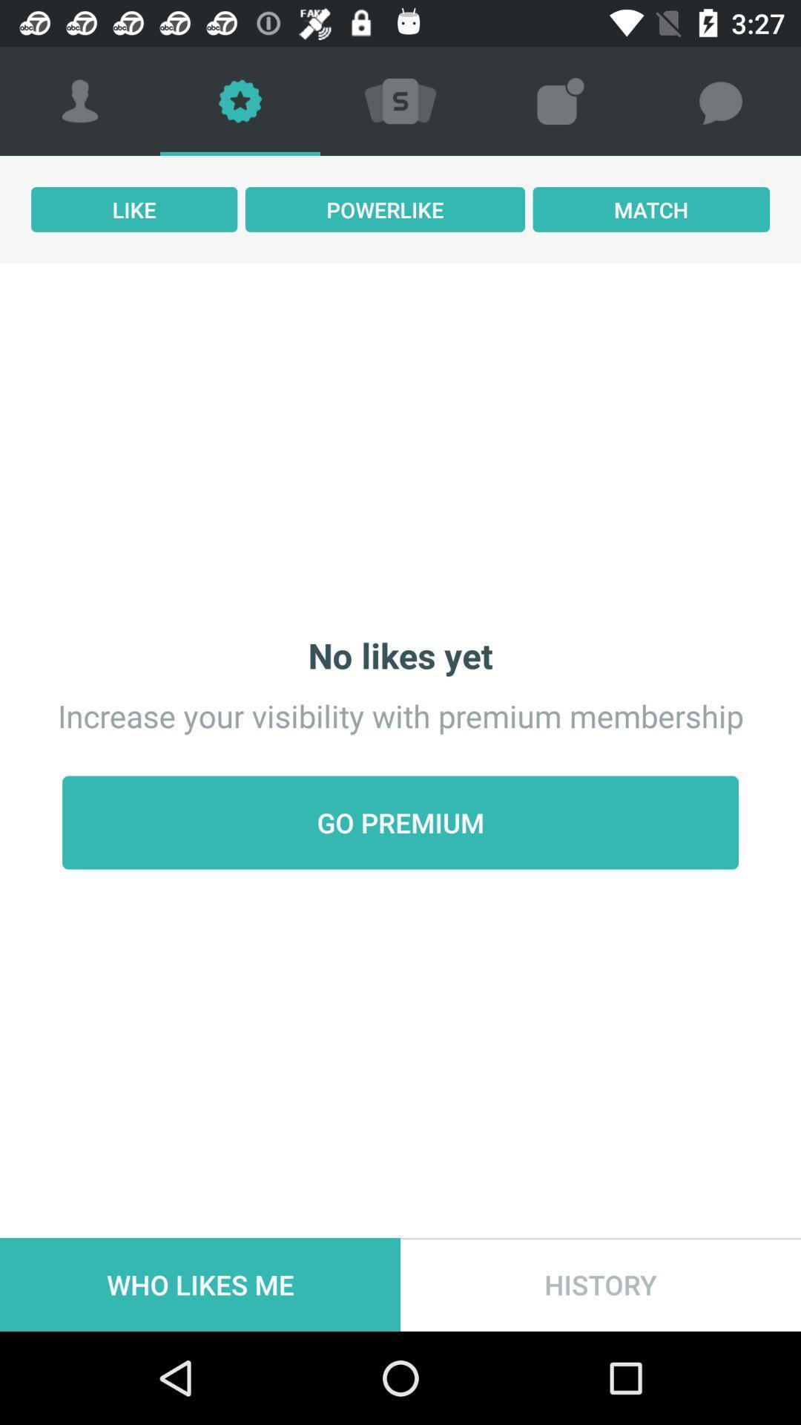 The image size is (801, 1425). What do you see at coordinates (200, 1284) in the screenshot?
I see `the icon next to history item` at bounding box center [200, 1284].